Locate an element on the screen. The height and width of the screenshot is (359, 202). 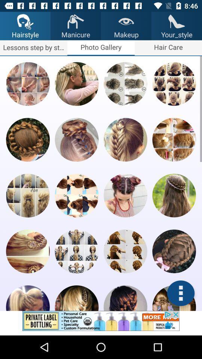
photo app is located at coordinates (174, 195).